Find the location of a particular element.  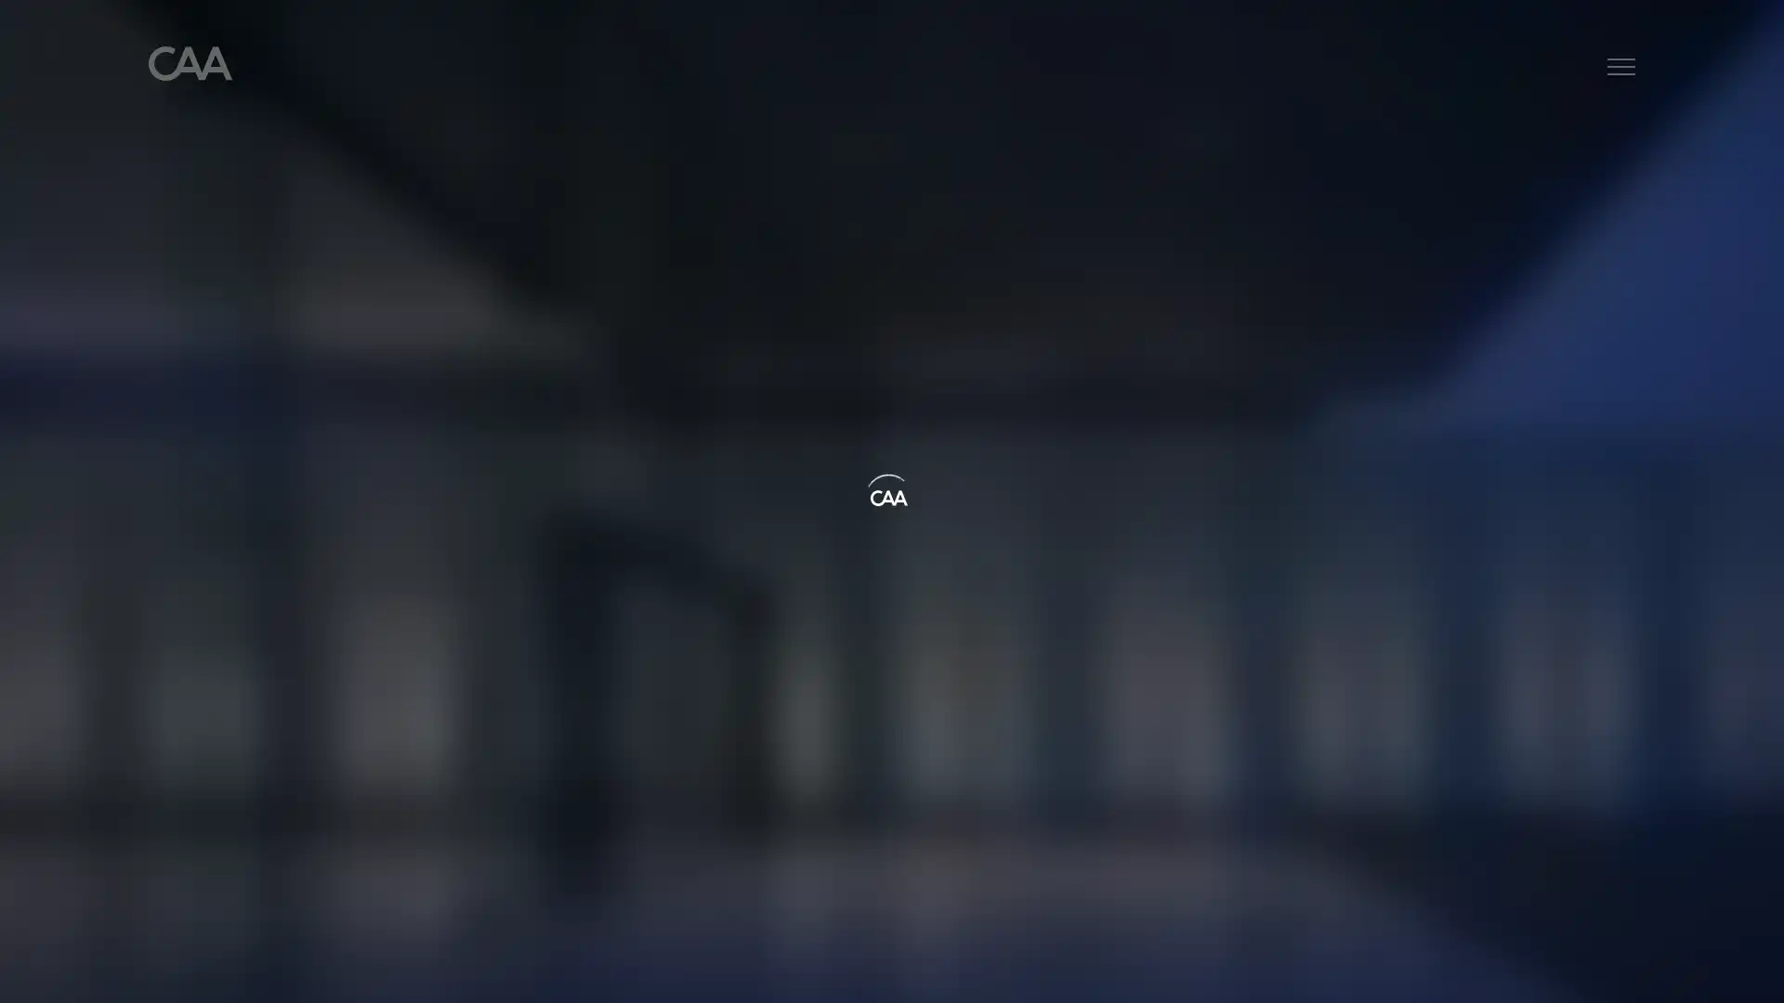

Accept All Cookies is located at coordinates (1432, 973).